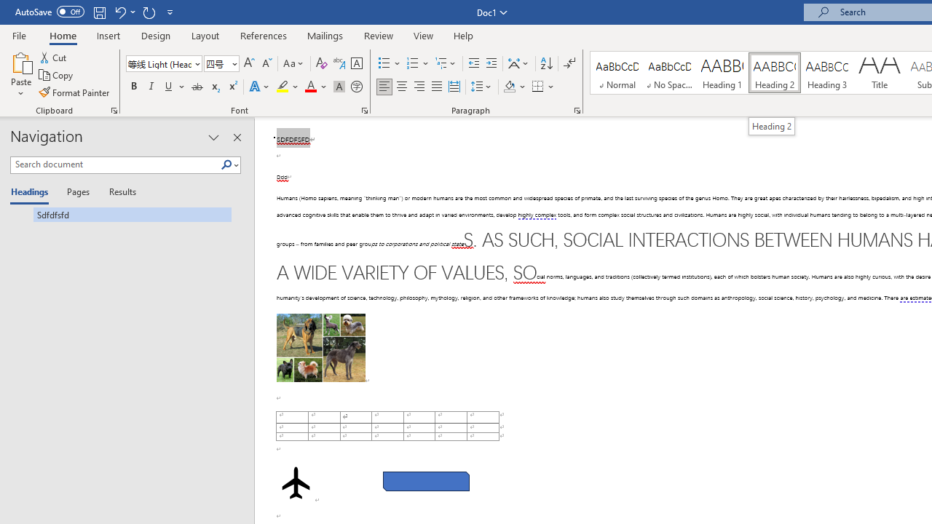  What do you see at coordinates (260, 87) in the screenshot?
I see `'Text Effects and Typography'` at bounding box center [260, 87].